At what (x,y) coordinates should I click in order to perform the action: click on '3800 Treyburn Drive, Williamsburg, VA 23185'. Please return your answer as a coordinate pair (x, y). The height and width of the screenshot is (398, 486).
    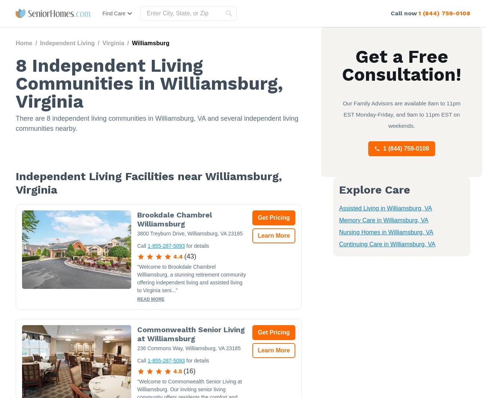
    Looking at the image, I should click on (136, 234).